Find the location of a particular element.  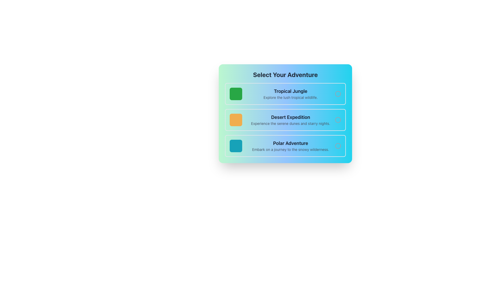

the circular radio button for the 'Polar Adventure' option, which is the third option in its group is located at coordinates (338, 146).